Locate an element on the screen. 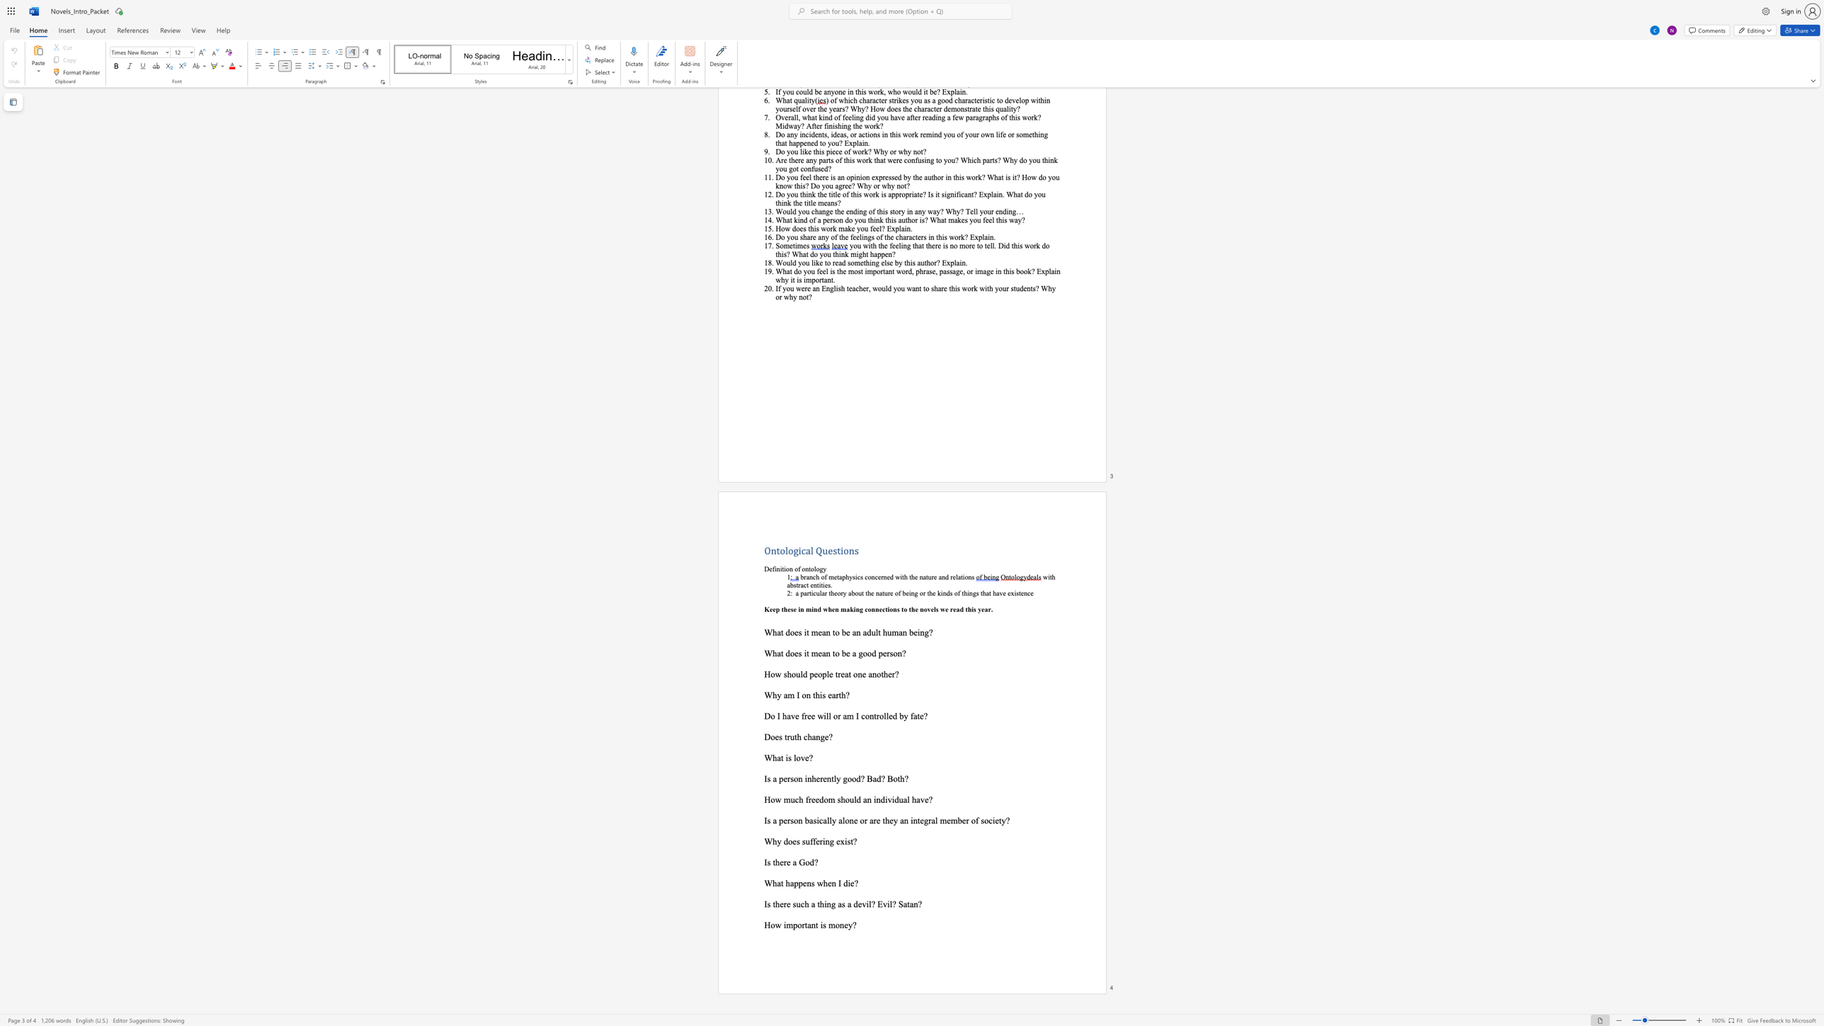  the subset text "appens when" within the text "What happens when I die?" is located at coordinates (790, 882).